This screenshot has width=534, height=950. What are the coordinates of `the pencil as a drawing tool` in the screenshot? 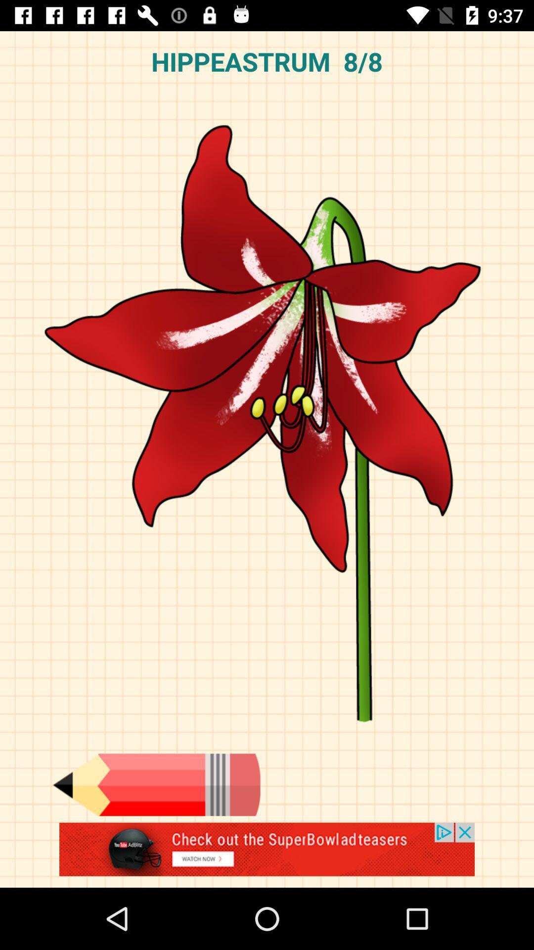 It's located at (156, 784).